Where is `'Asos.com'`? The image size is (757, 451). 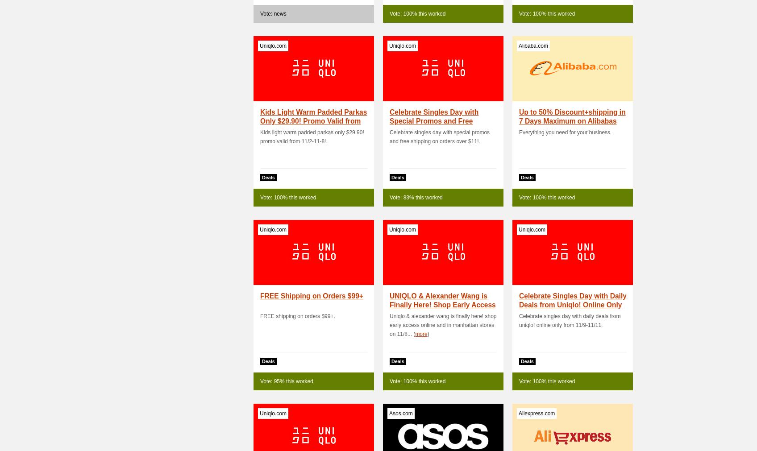
'Asos.com' is located at coordinates (401, 413).